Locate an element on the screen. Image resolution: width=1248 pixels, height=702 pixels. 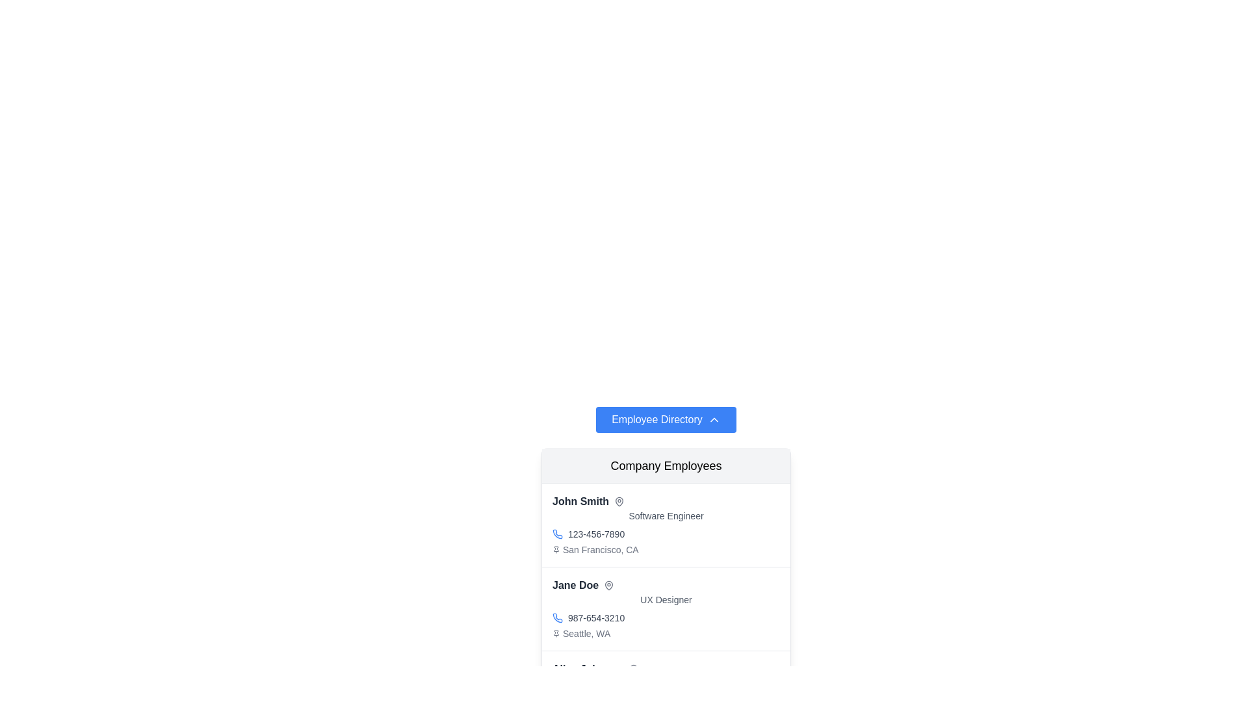
the blue phone icon located next to the phone number under the first employee's details in the 'Company Employees' section is located at coordinates (558, 534).